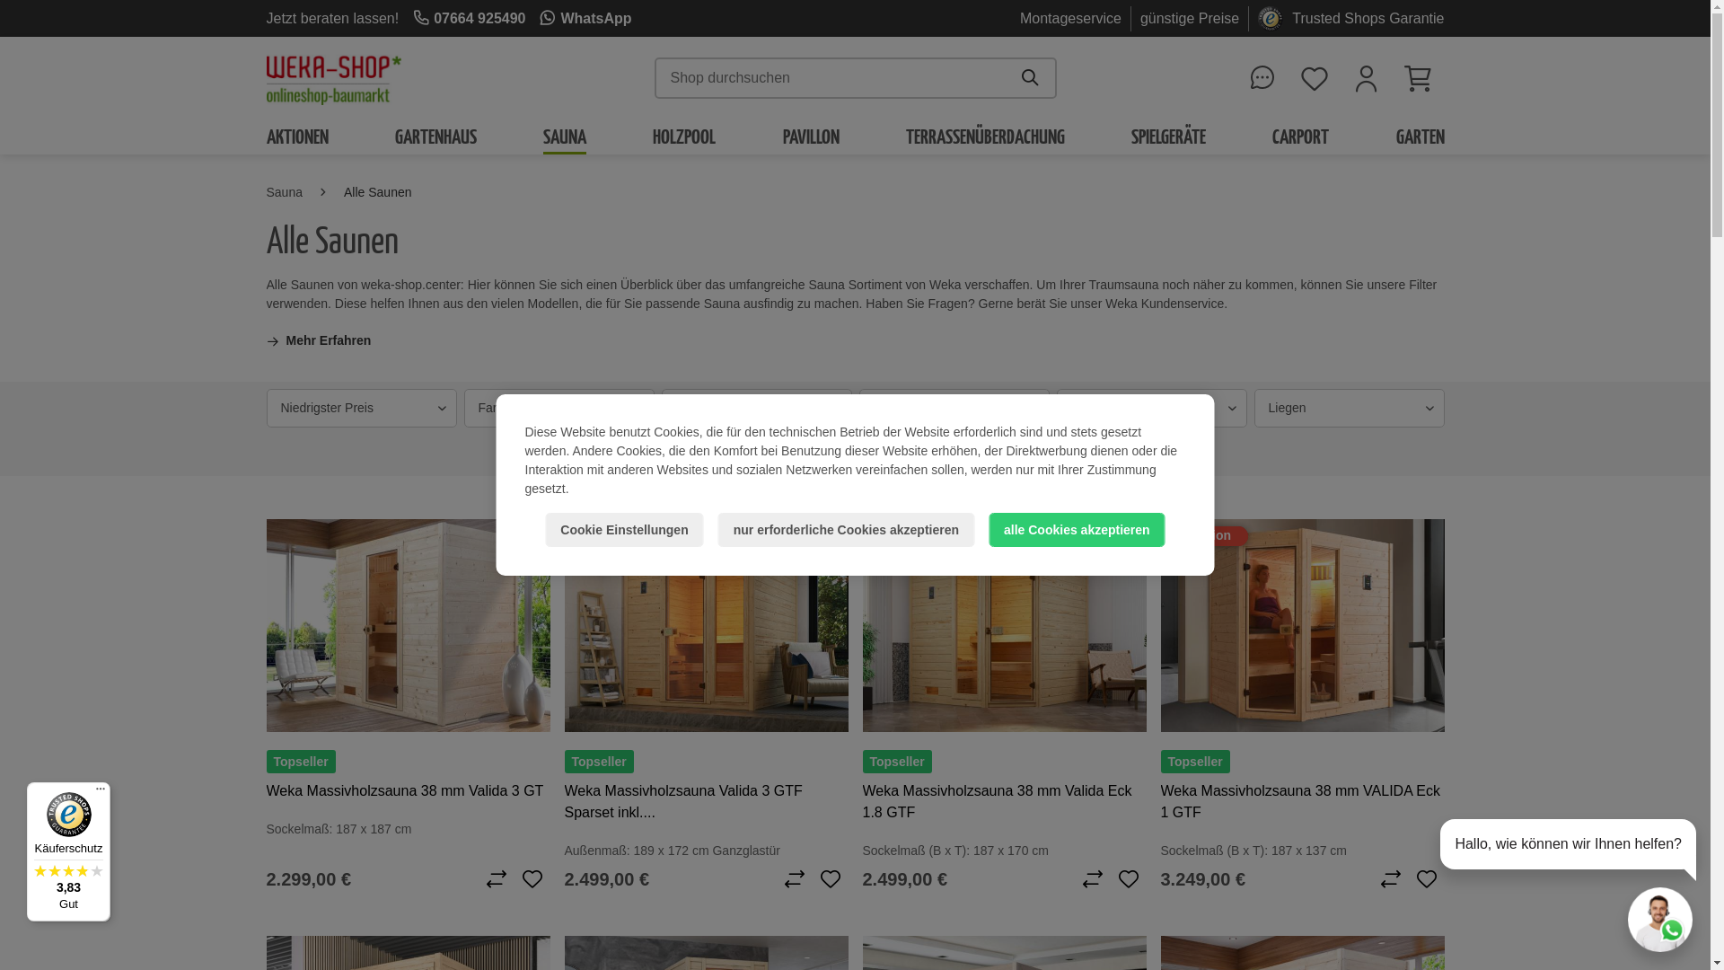  I want to click on 'Warenkorb', so click(1417, 77).